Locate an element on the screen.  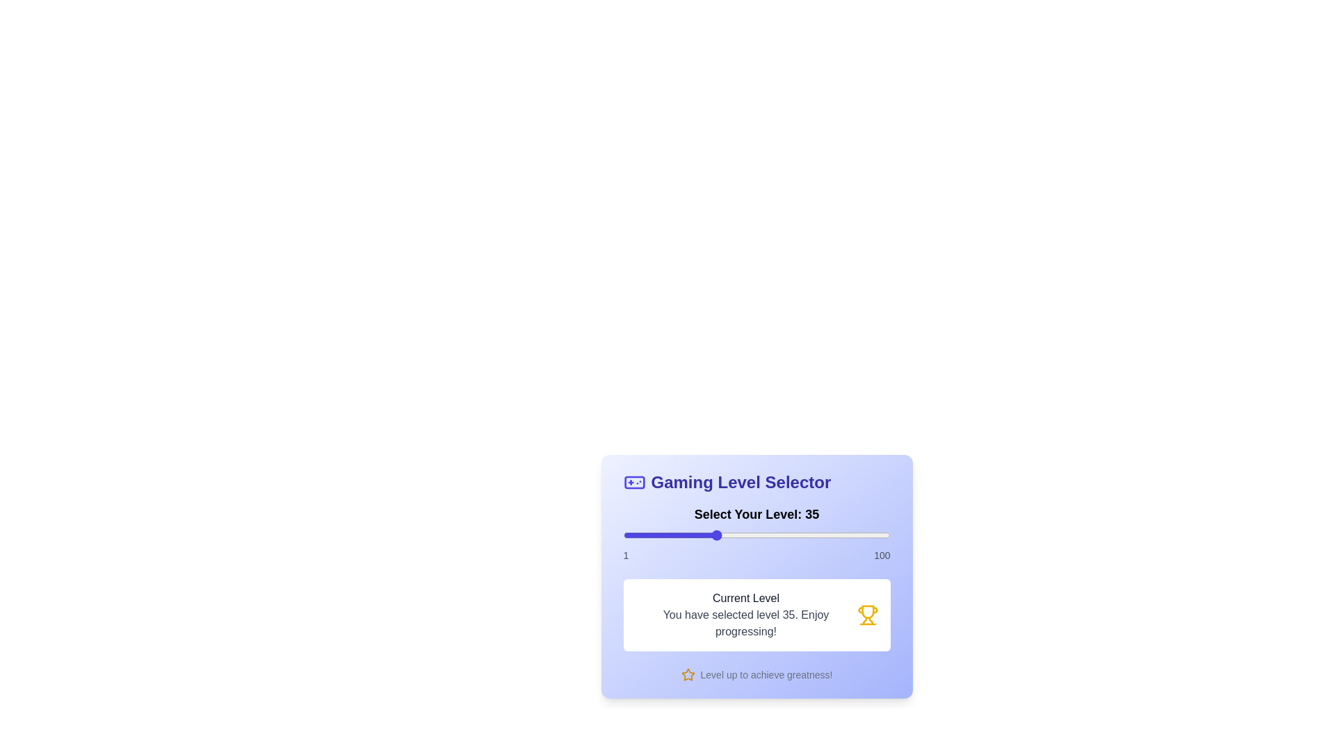
the level is located at coordinates (701, 535).